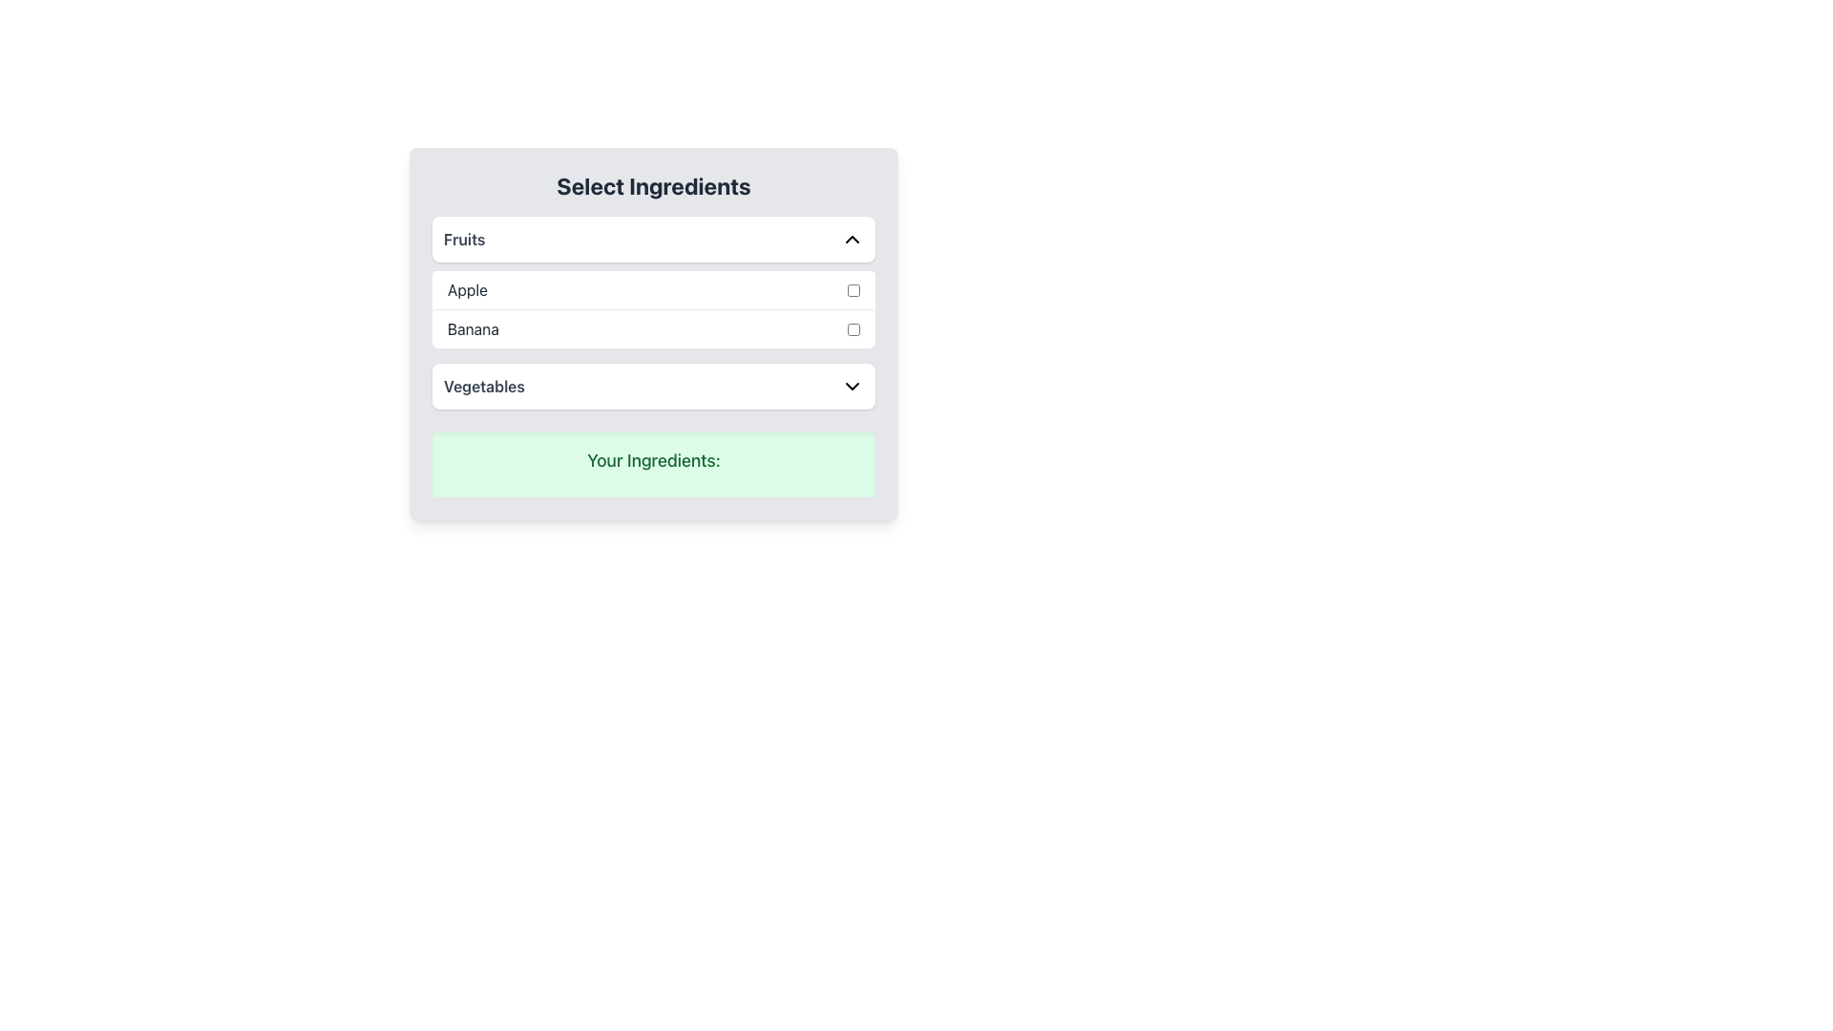 Image resolution: width=1833 pixels, height=1031 pixels. What do you see at coordinates (851, 238) in the screenshot?
I see `the arrow icon located to the far right of the 'Fruits' row, which indicates the action to collapse or expand the 'Fruits' section` at bounding box center [851, 238].